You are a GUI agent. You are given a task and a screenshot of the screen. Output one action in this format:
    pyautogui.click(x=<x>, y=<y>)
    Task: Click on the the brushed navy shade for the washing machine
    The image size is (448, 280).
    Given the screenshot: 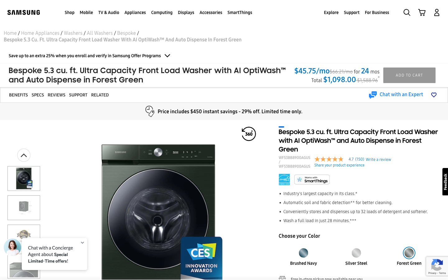 What is the action you would take?
    pyautogui.click(x=303, y=251)
    